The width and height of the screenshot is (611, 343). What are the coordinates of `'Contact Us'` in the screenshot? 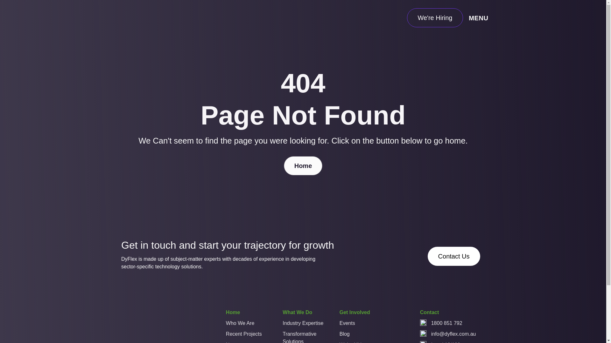 It's located at (453, 256).